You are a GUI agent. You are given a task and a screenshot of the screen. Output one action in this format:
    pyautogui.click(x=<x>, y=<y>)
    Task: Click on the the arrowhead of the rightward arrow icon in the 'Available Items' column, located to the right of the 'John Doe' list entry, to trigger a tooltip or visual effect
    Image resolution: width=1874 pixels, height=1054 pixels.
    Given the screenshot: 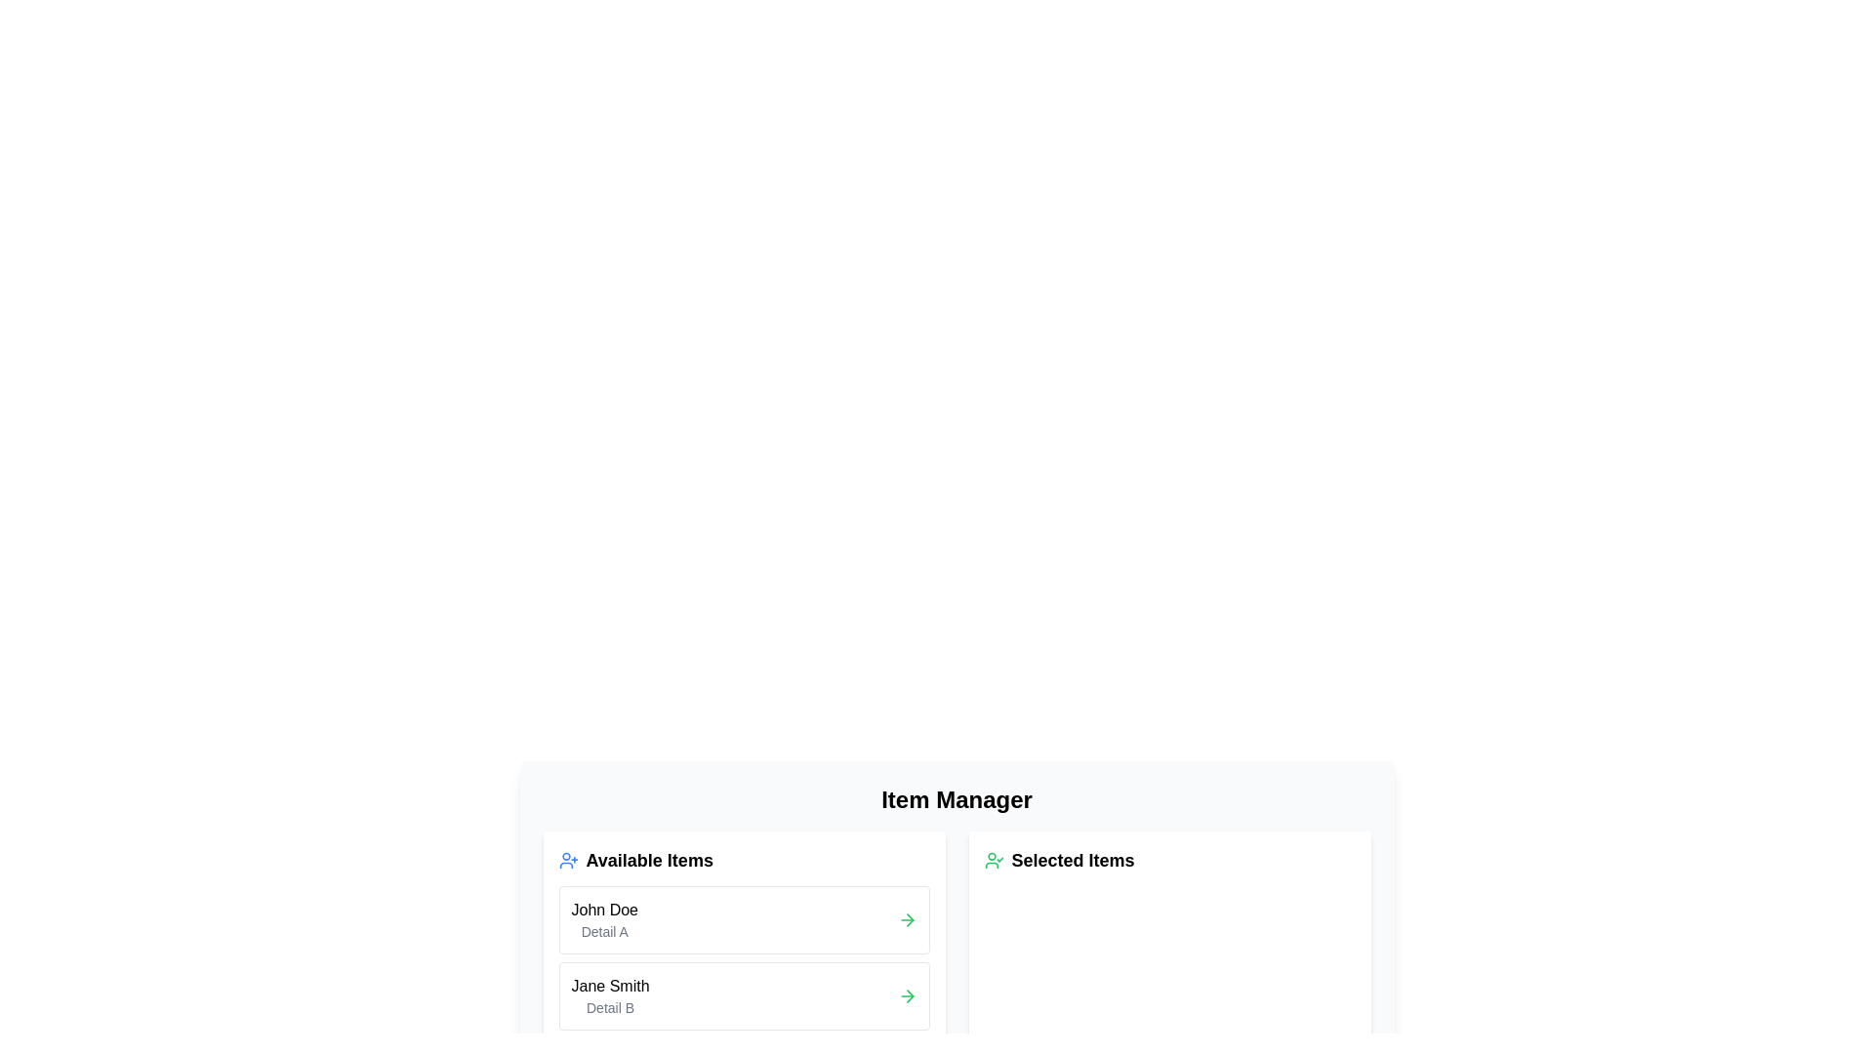 What is the action you would take?
    pyautogui.click(x=909, y=996)
    